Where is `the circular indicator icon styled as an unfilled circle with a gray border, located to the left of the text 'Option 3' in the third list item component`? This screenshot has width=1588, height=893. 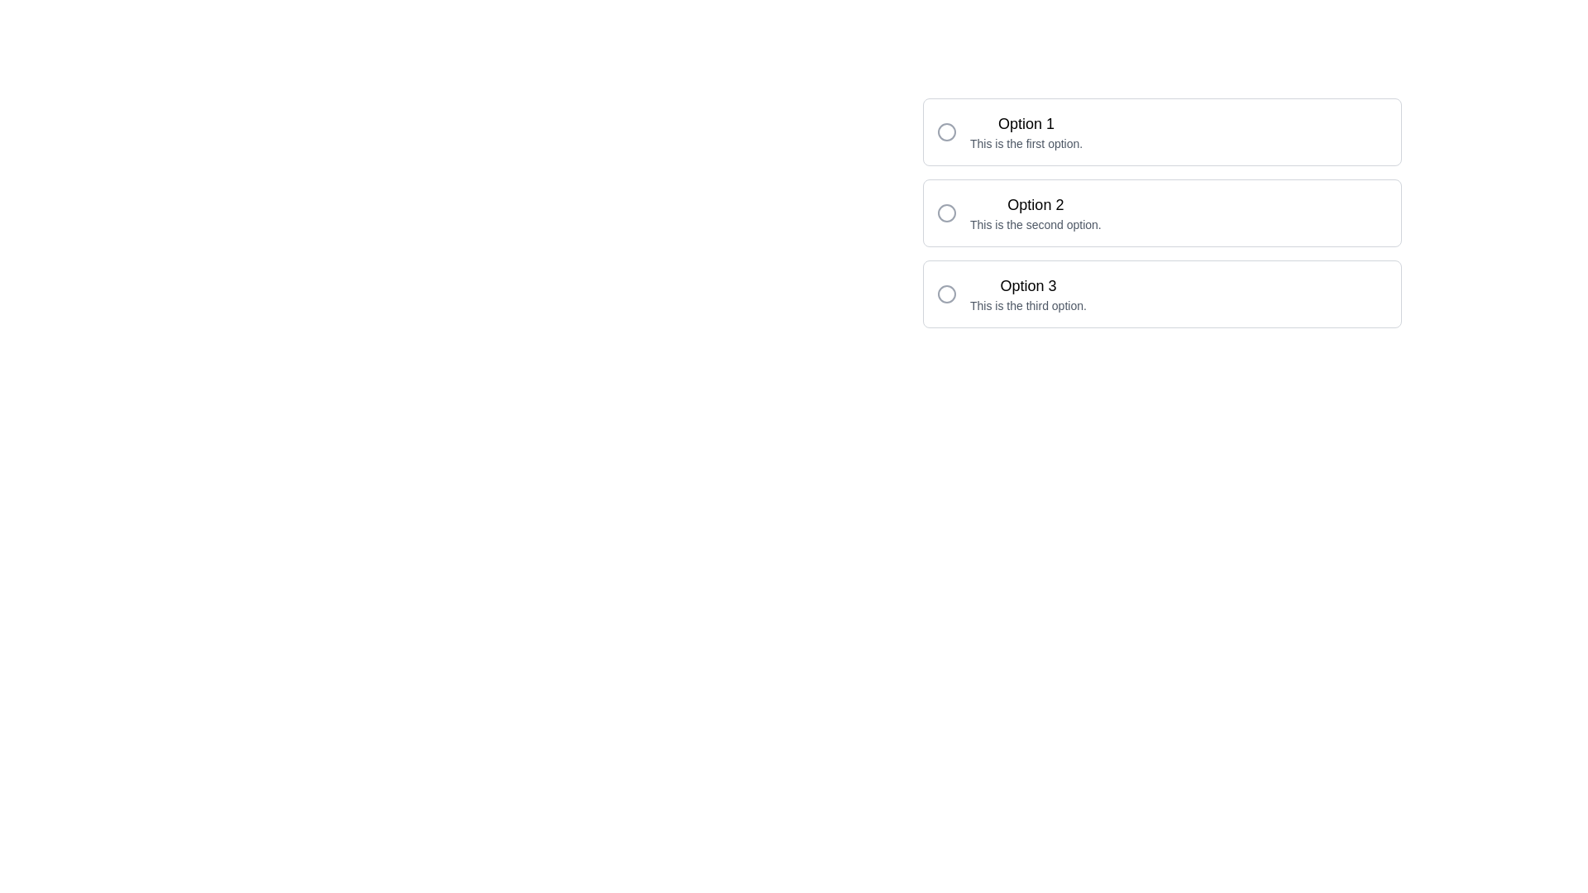
the circular indicator icon styled as an unfilled circle with a gray border, located to the left of the text 'Option 3' in the third list item component is located at coordinates (947, 293).